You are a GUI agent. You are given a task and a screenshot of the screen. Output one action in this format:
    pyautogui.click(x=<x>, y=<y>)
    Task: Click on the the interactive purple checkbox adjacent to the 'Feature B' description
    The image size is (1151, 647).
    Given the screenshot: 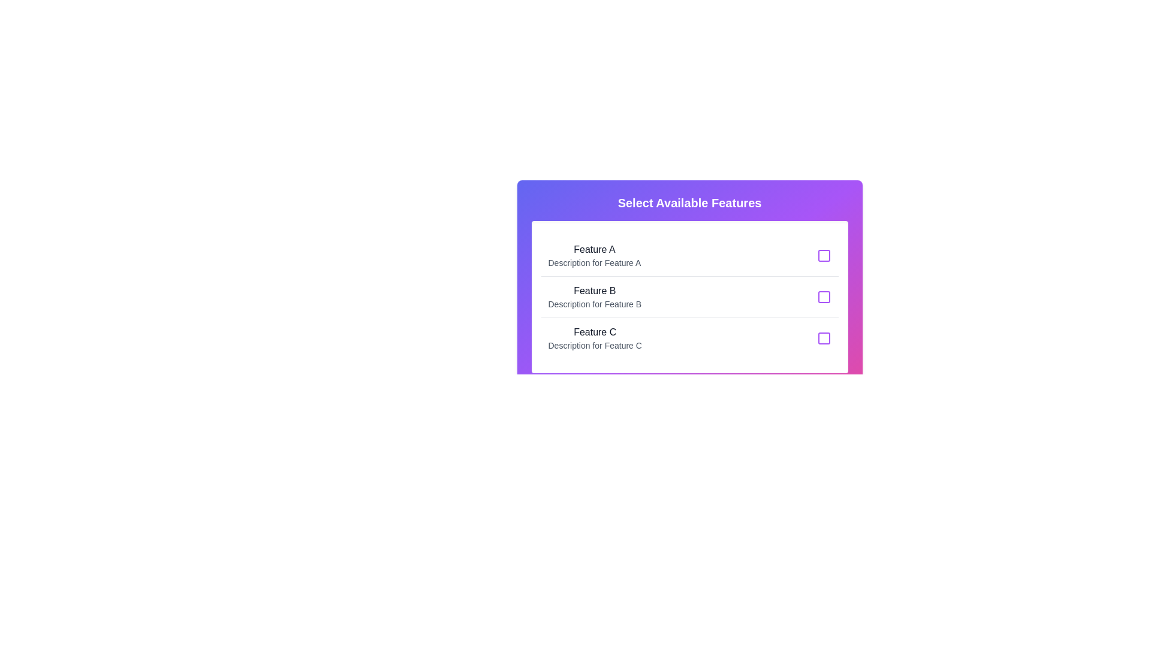 What is the action you would take?
    pyautogui.click(x=823, y=297)
    